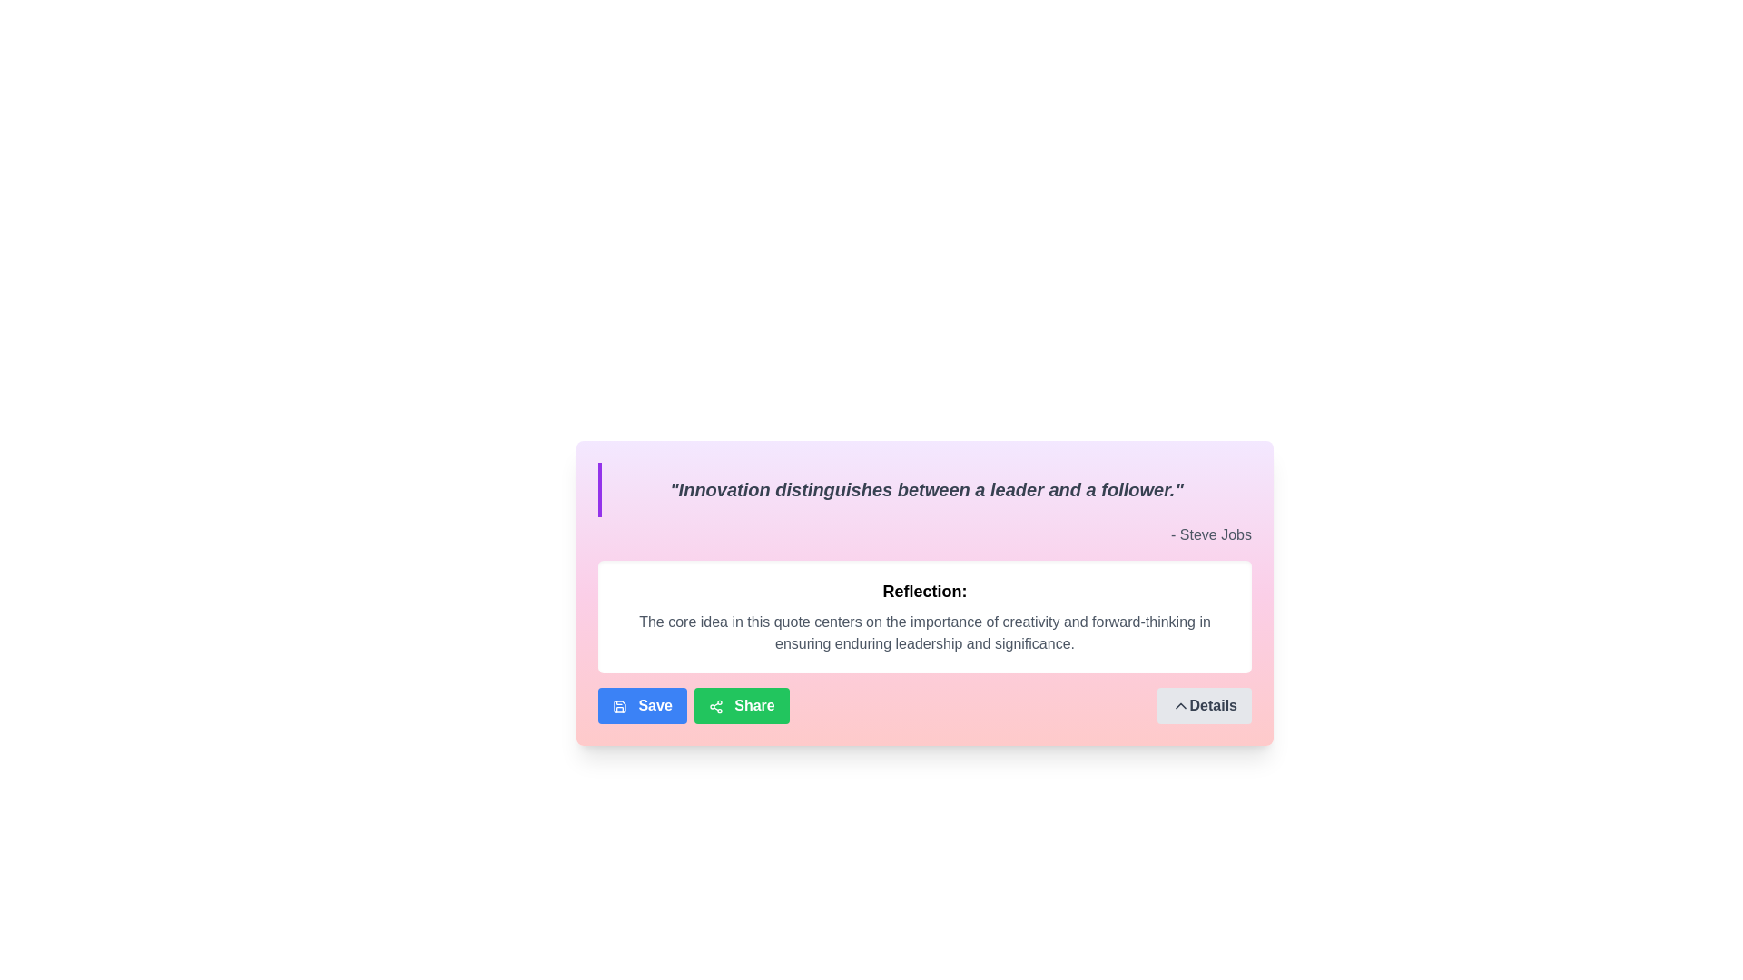 This screenshot has height=980, width=1743. I want to click on the floppy disk icon located at the bottom left corner of the card component, which is used to represent a save action, so click(619, 705).